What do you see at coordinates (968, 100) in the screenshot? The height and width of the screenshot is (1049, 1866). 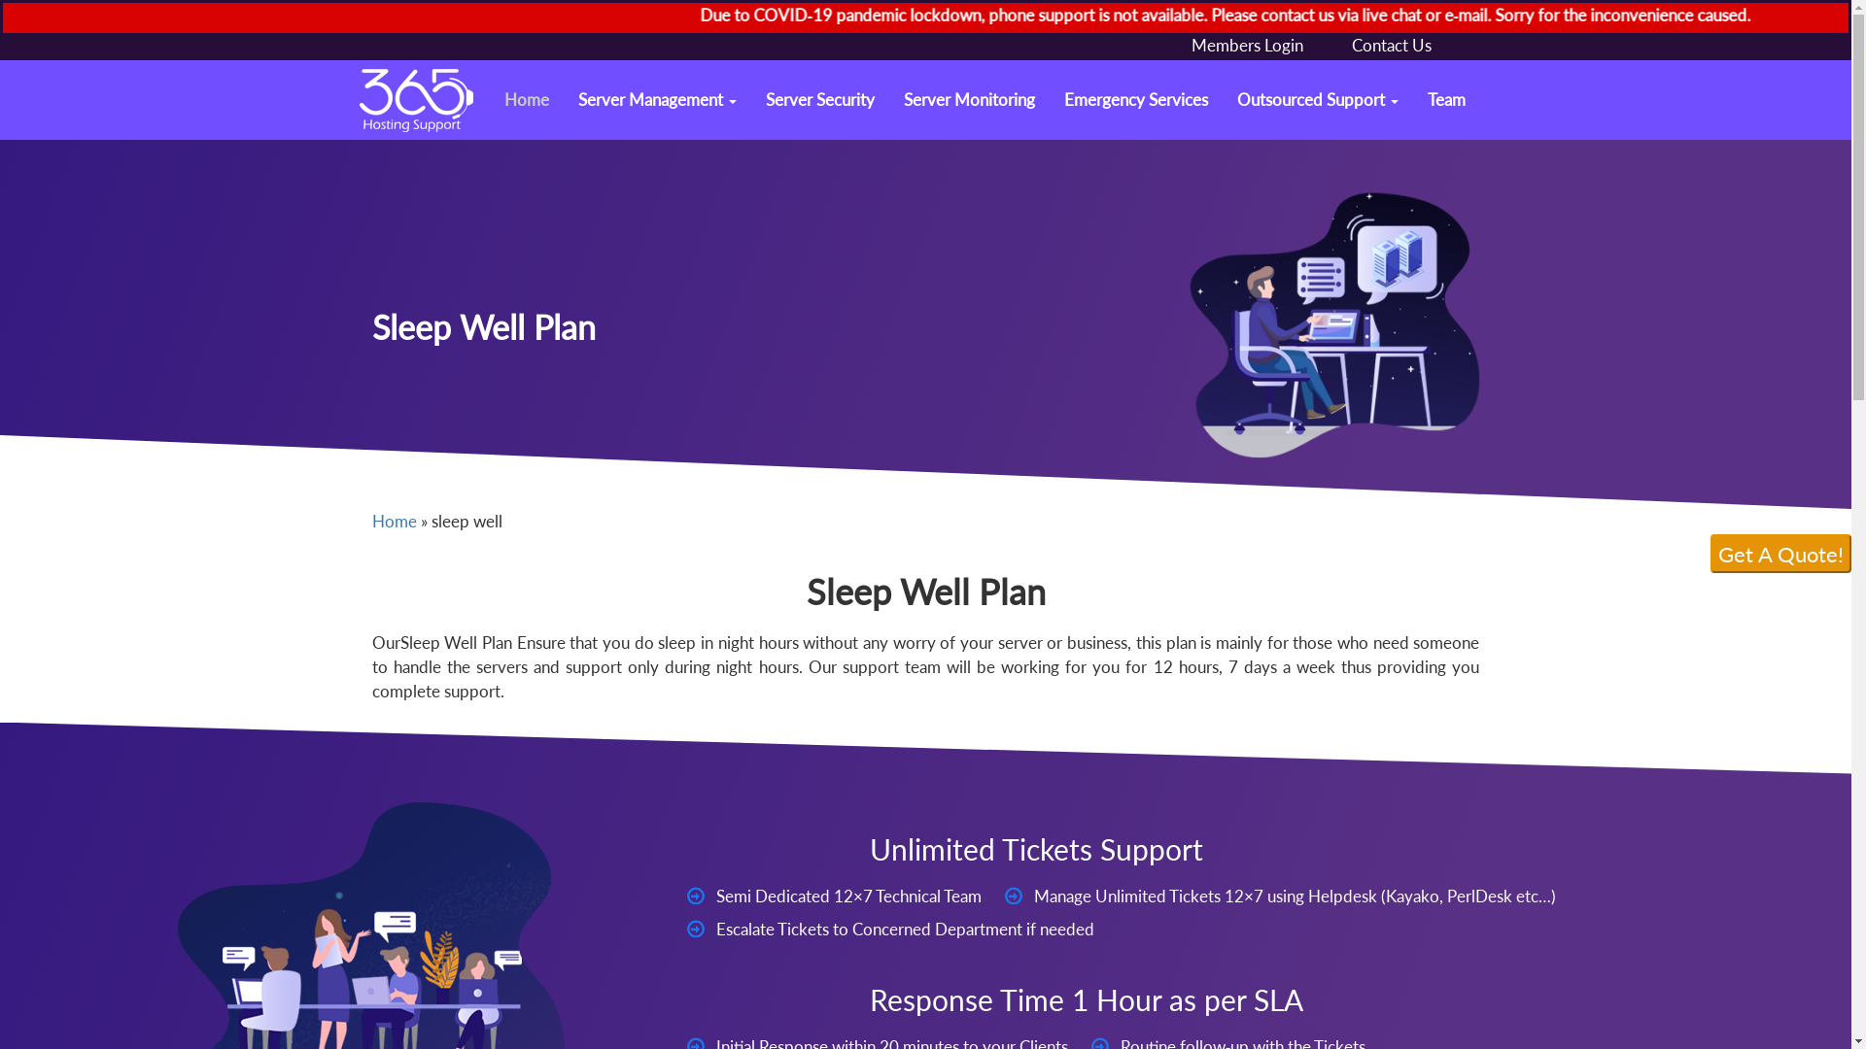 I see `'Server Monitoring'` at bounding box center [968, 100].